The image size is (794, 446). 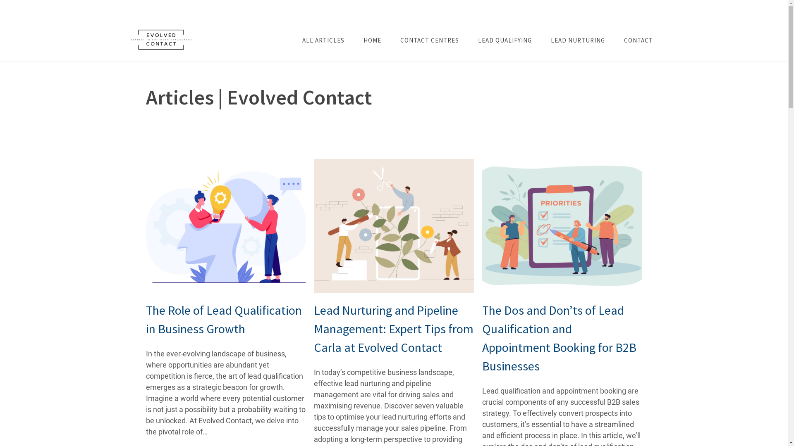 I want to click on 'CONTACT CENTRES', so click(x=429, y=40).